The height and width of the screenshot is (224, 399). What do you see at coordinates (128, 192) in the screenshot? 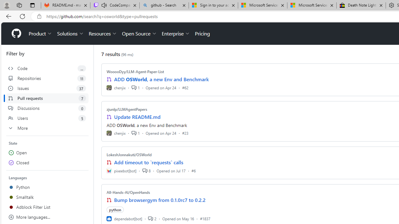
I see `'All-Hands-AI/OpenHands'` at bounding box center [128, 192].